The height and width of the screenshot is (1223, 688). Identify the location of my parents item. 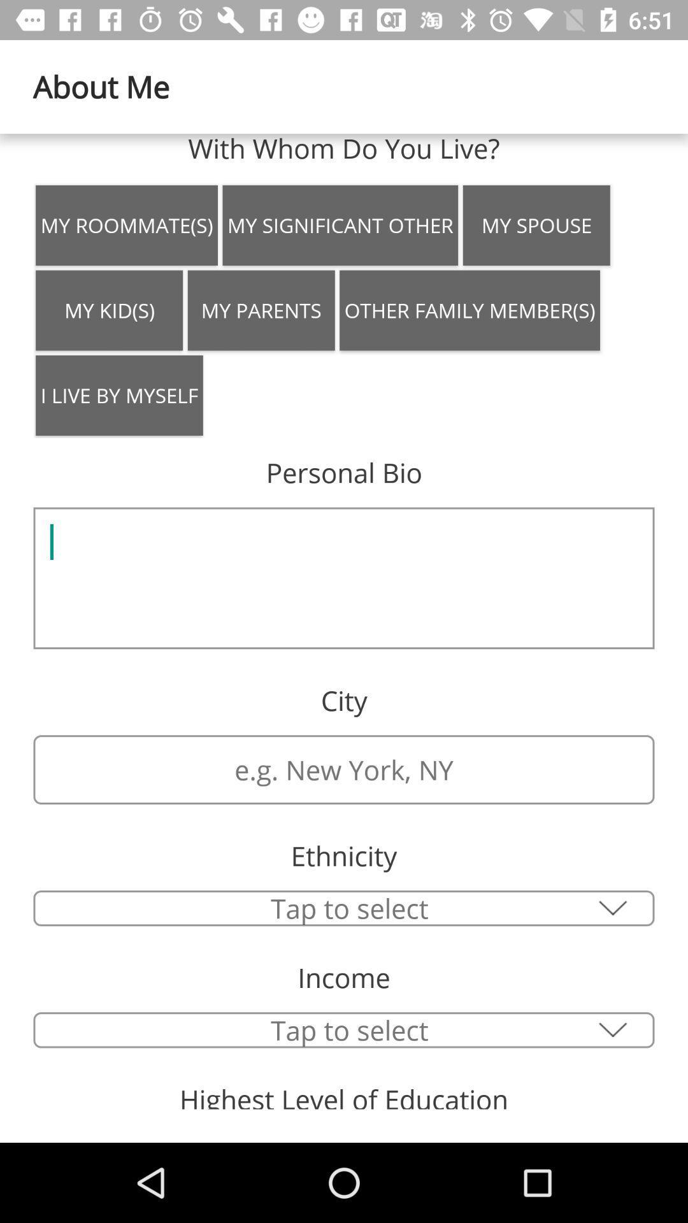
(261, 310).